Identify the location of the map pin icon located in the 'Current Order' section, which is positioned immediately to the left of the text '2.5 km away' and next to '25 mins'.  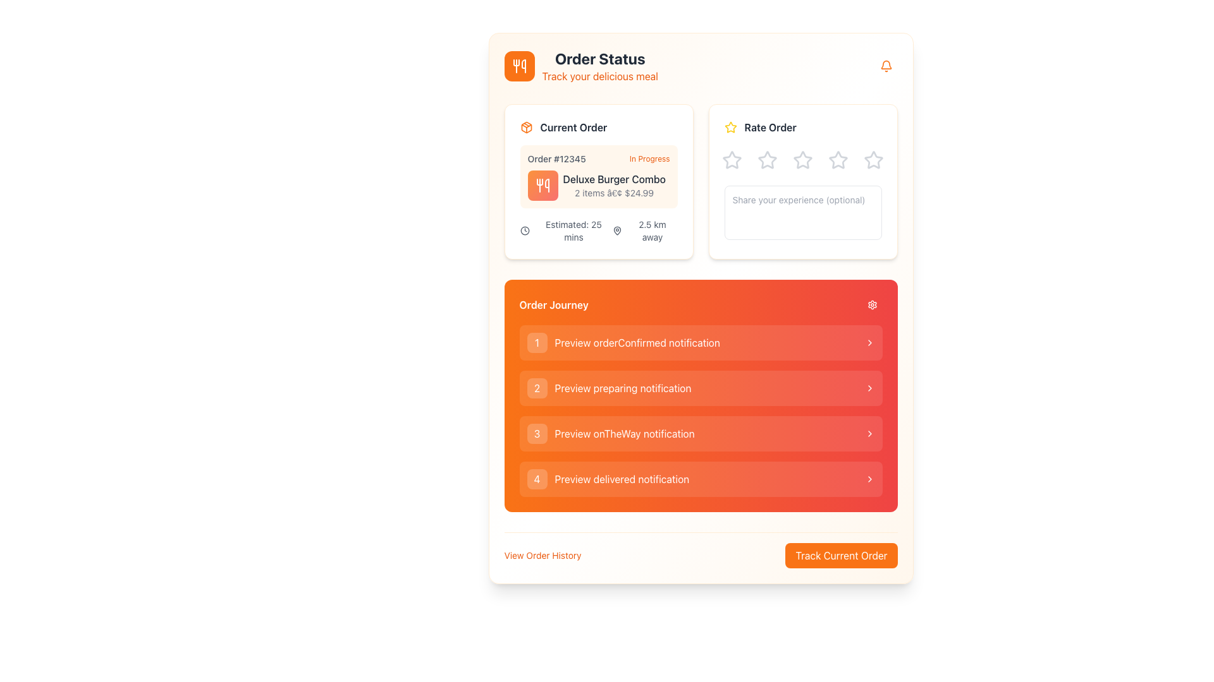
(617, 231).